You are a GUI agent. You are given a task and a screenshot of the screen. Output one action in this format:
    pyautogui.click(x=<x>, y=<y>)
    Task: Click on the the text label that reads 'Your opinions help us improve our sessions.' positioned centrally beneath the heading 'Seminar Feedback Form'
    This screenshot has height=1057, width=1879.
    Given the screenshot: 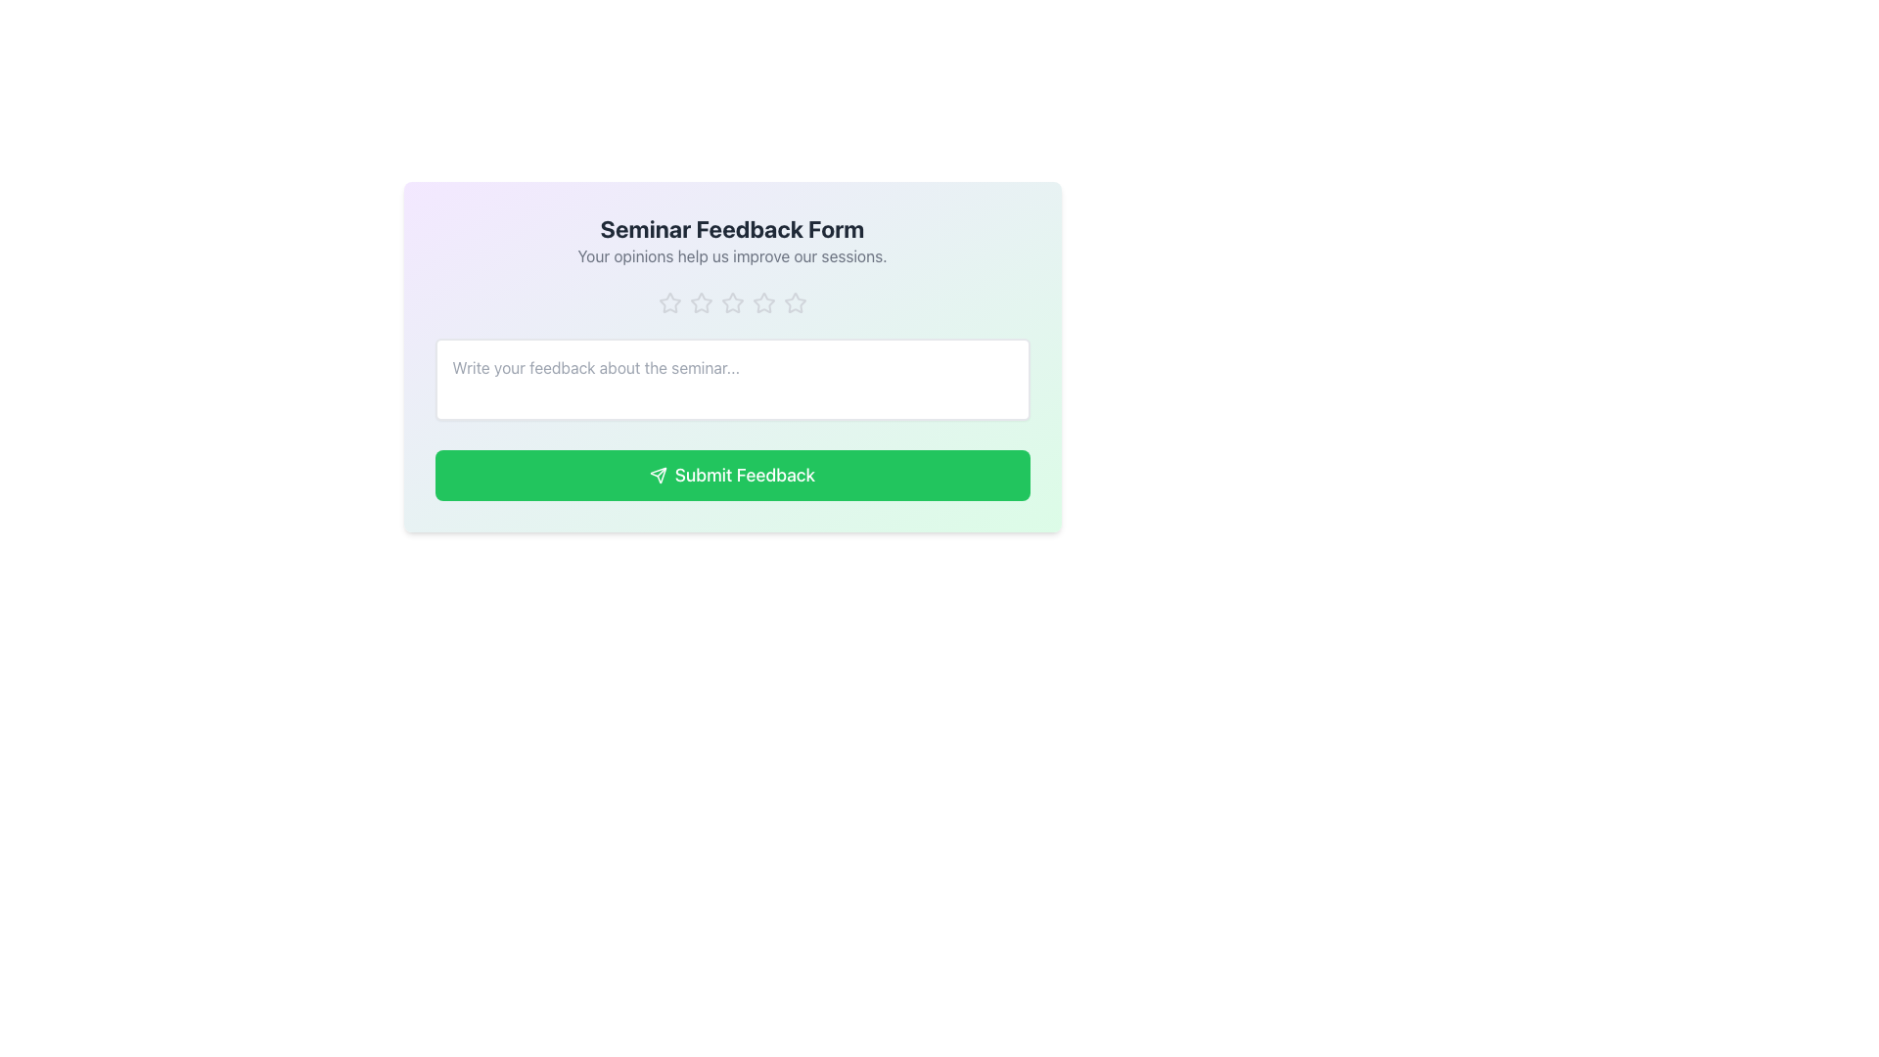 What is the action you would take?
    pyautogui.click(x=731, y=255)
    